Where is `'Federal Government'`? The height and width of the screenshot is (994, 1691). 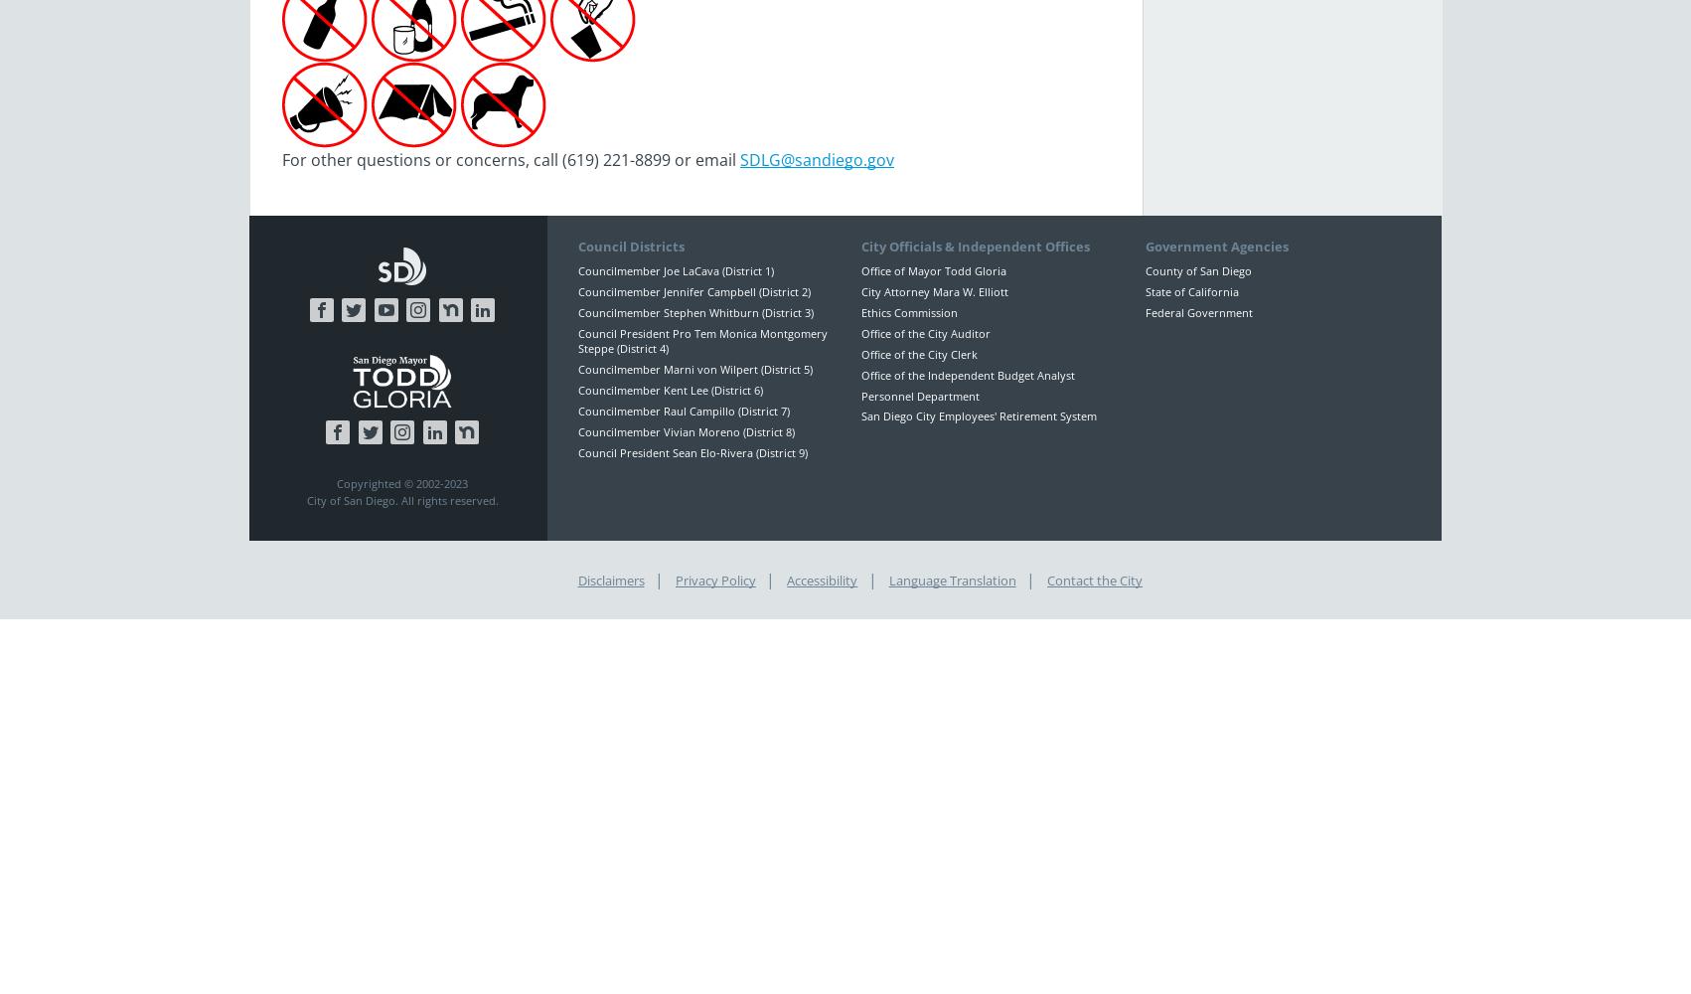
'Federal Government' is located at coordinates (1198, 310).